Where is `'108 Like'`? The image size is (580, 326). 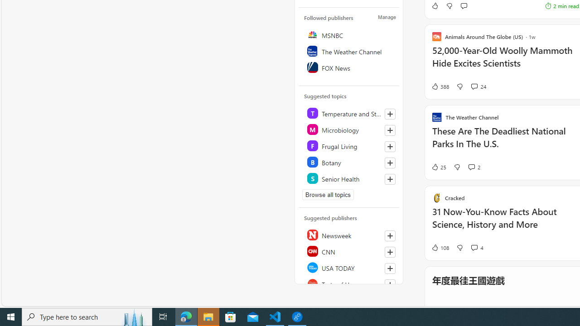 '108 Like' is located at coordinates (440, 247).